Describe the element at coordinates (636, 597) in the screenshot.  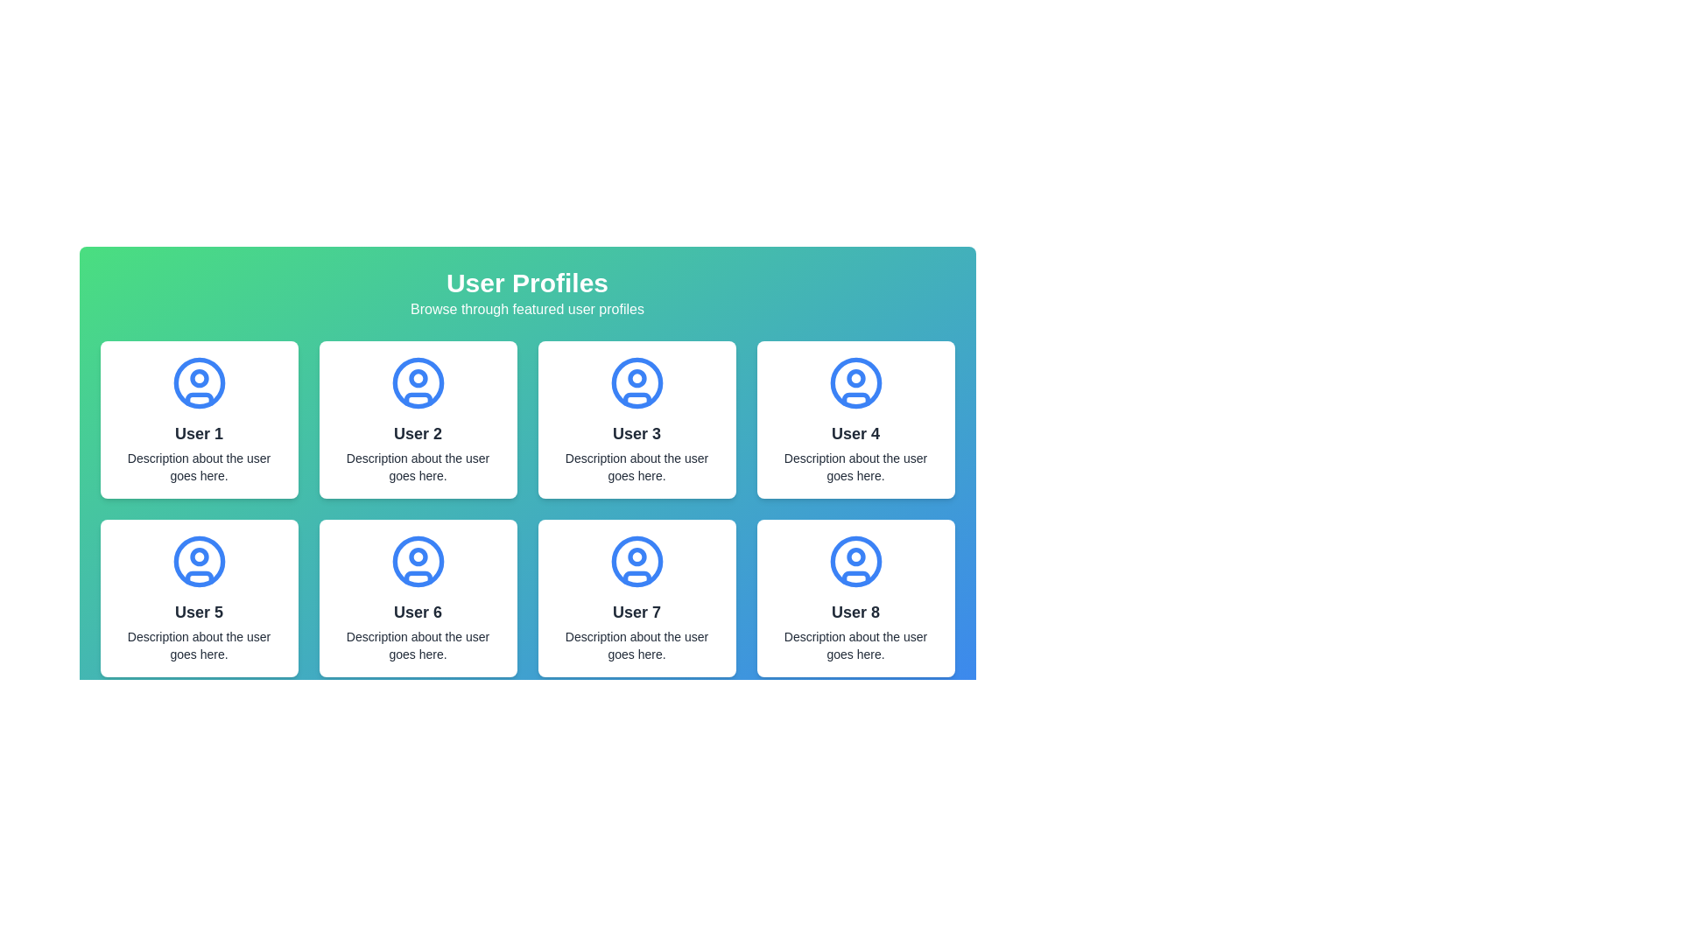
I see `the user profile card for 'User 7'` at that location.